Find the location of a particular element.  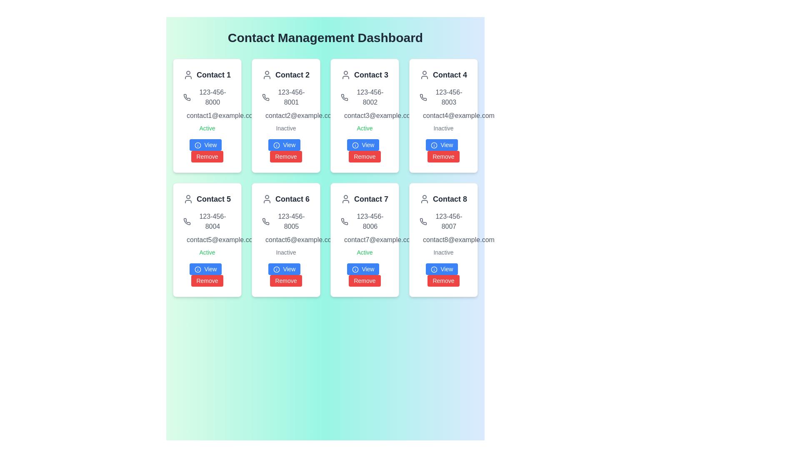

the 'Inactive' label in the contact card for 'Contact 4', which is a small light gray text label located in the bottom section of the card, centered horizontally beneath the email information is located at coordinates (443, 128).